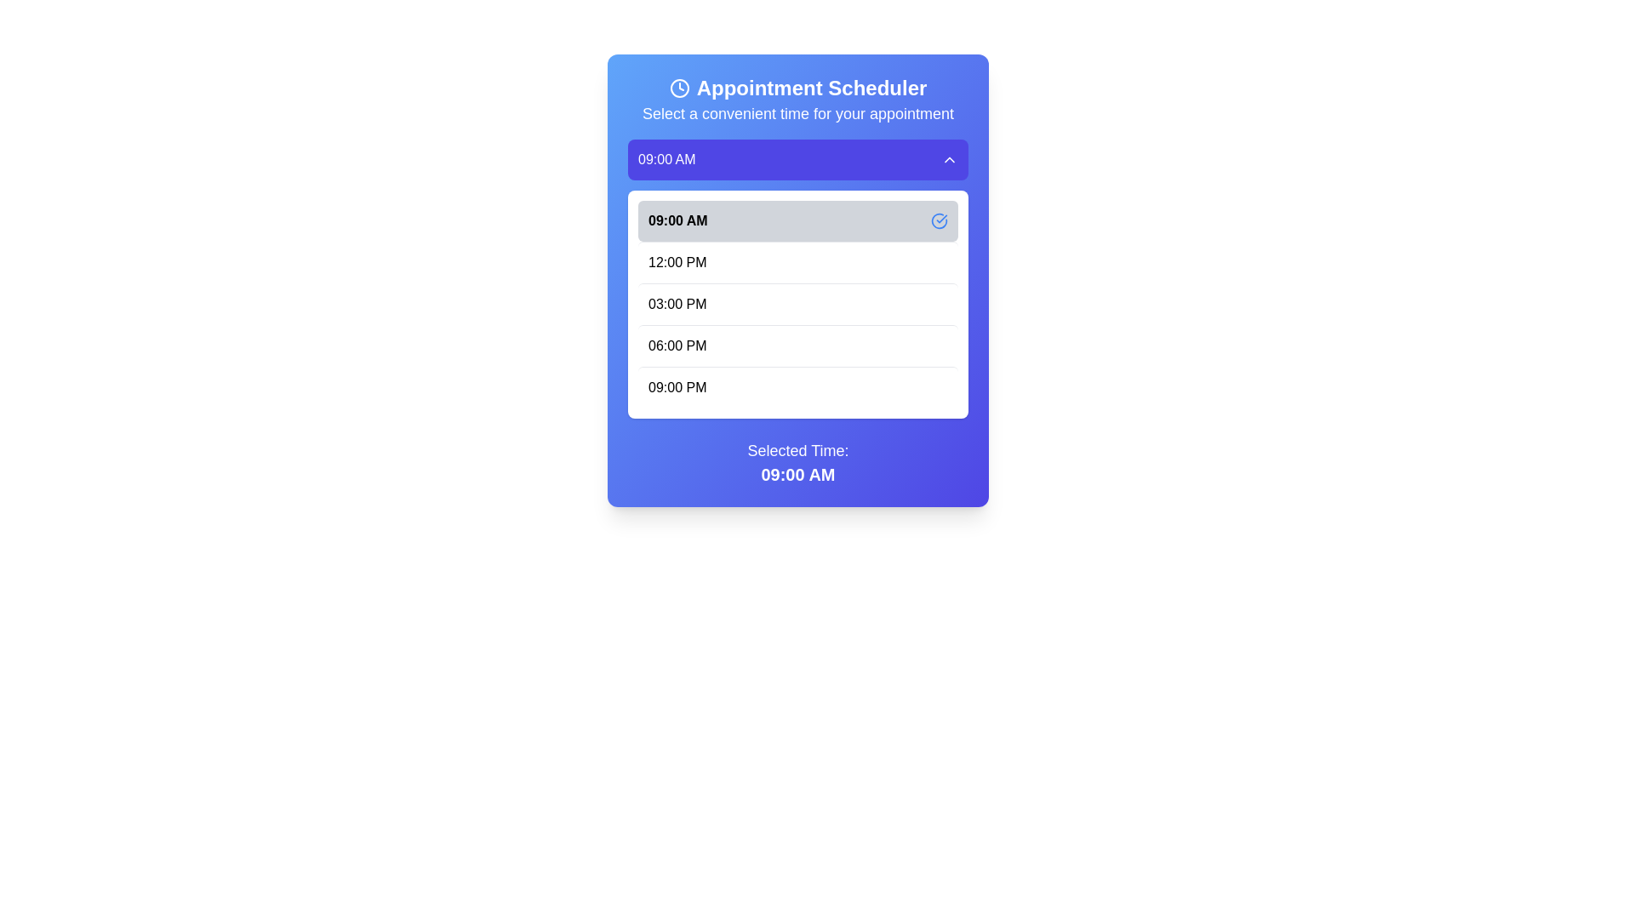 This screenshot has width=1634, height=919. What do you see at coordinates (797, 345) in the screenshot?
I see `the selectable list item displaying '06:00 PM' by navigating via keyboard` at bounding box center [797, 345].